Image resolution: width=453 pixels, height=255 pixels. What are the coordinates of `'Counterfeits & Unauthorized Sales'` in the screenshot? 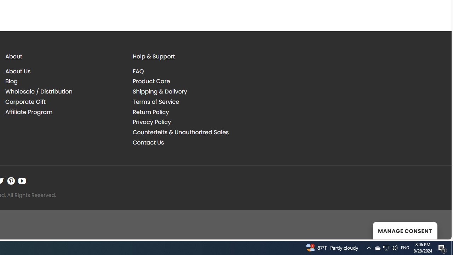 It's located at (191, 132).